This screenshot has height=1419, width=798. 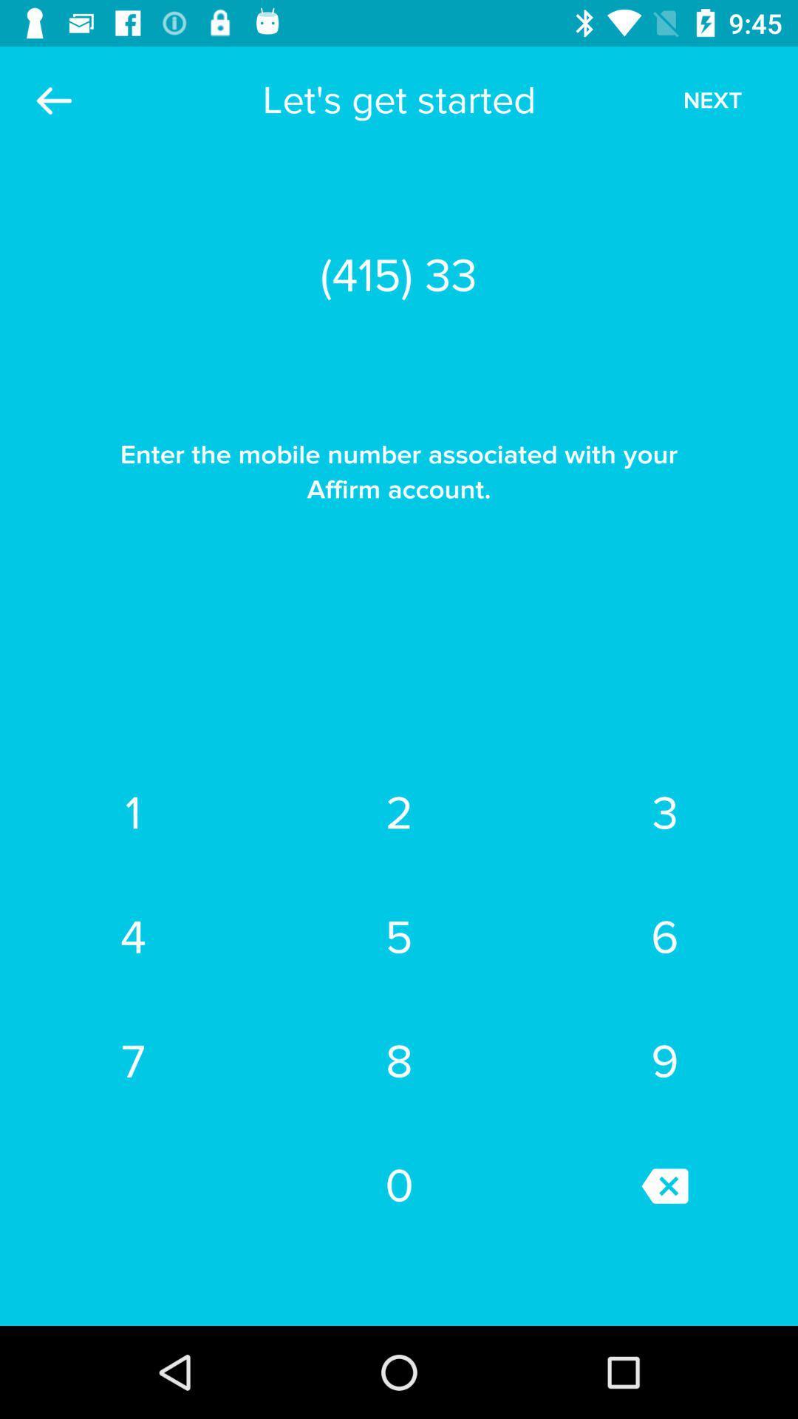 I want to click on item to the left of 3, so click(x=399, y=812).